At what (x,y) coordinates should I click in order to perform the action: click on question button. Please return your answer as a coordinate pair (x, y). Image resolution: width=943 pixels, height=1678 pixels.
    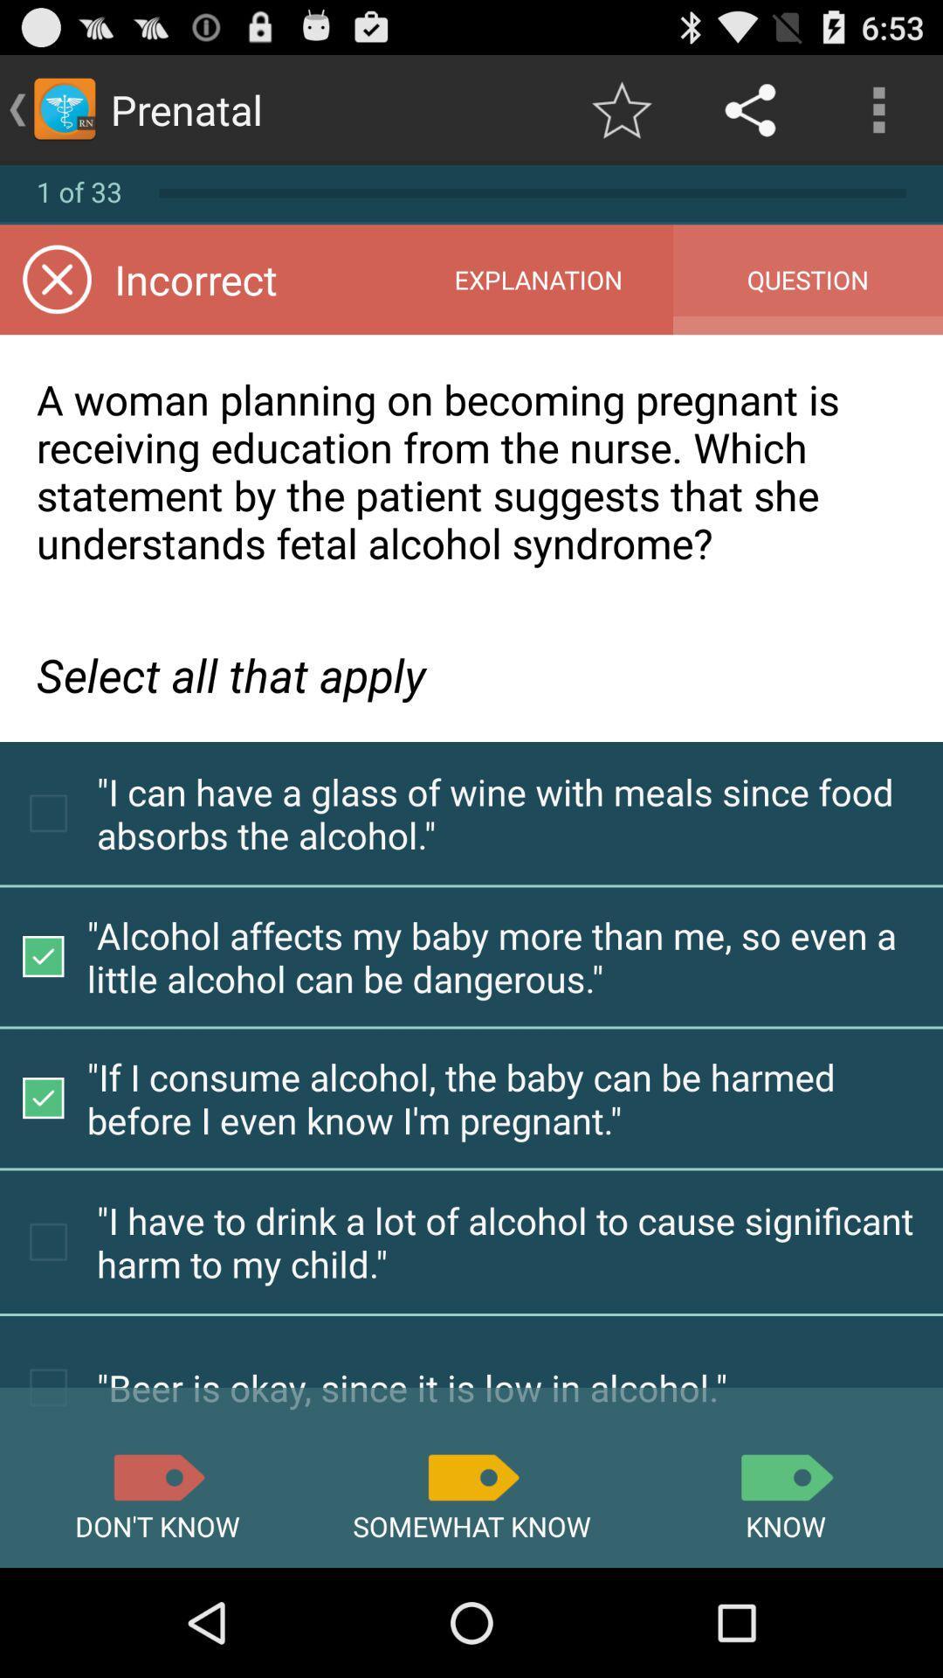
    Looking at the image, I should click on (808, 280).